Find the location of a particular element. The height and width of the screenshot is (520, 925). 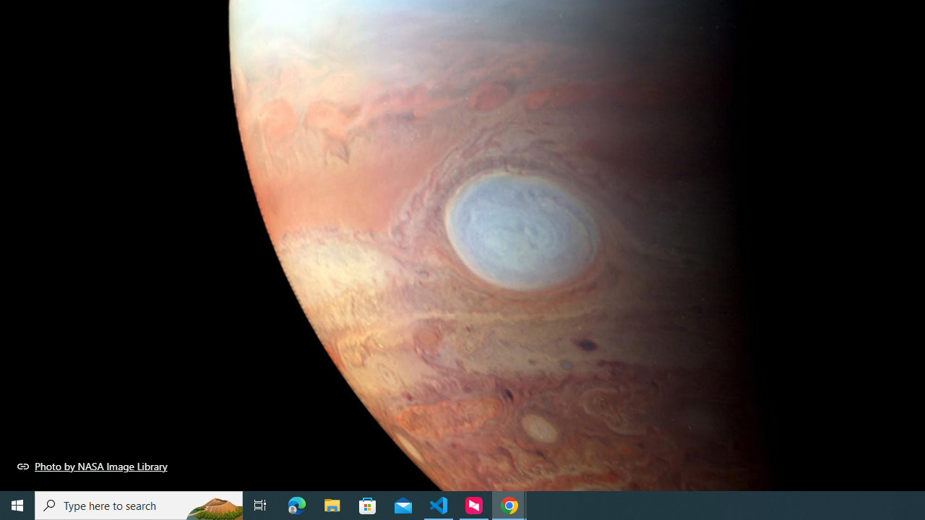

'Photo by NASA Image Library' is located at coordinates (92, 466).